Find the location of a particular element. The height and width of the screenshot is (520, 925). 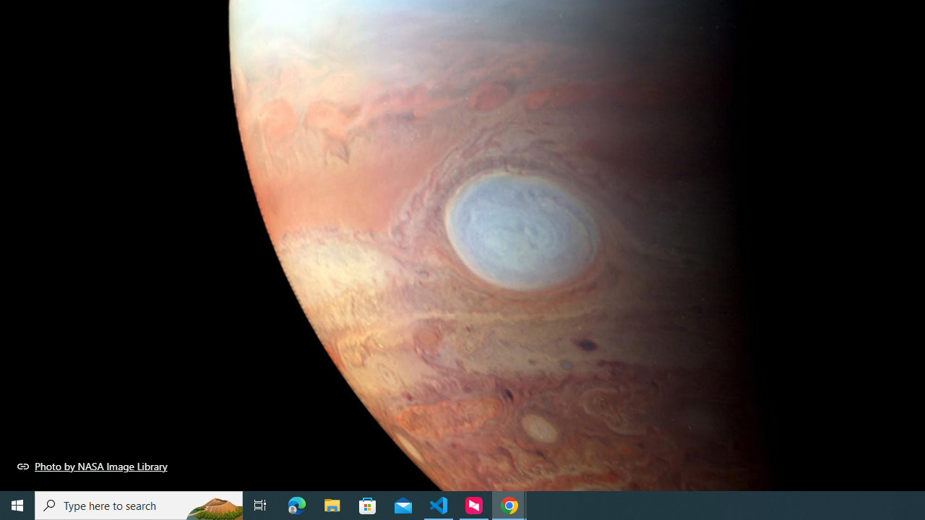

'Photo by NASA Image Library' is located at coordinates (92, 466).